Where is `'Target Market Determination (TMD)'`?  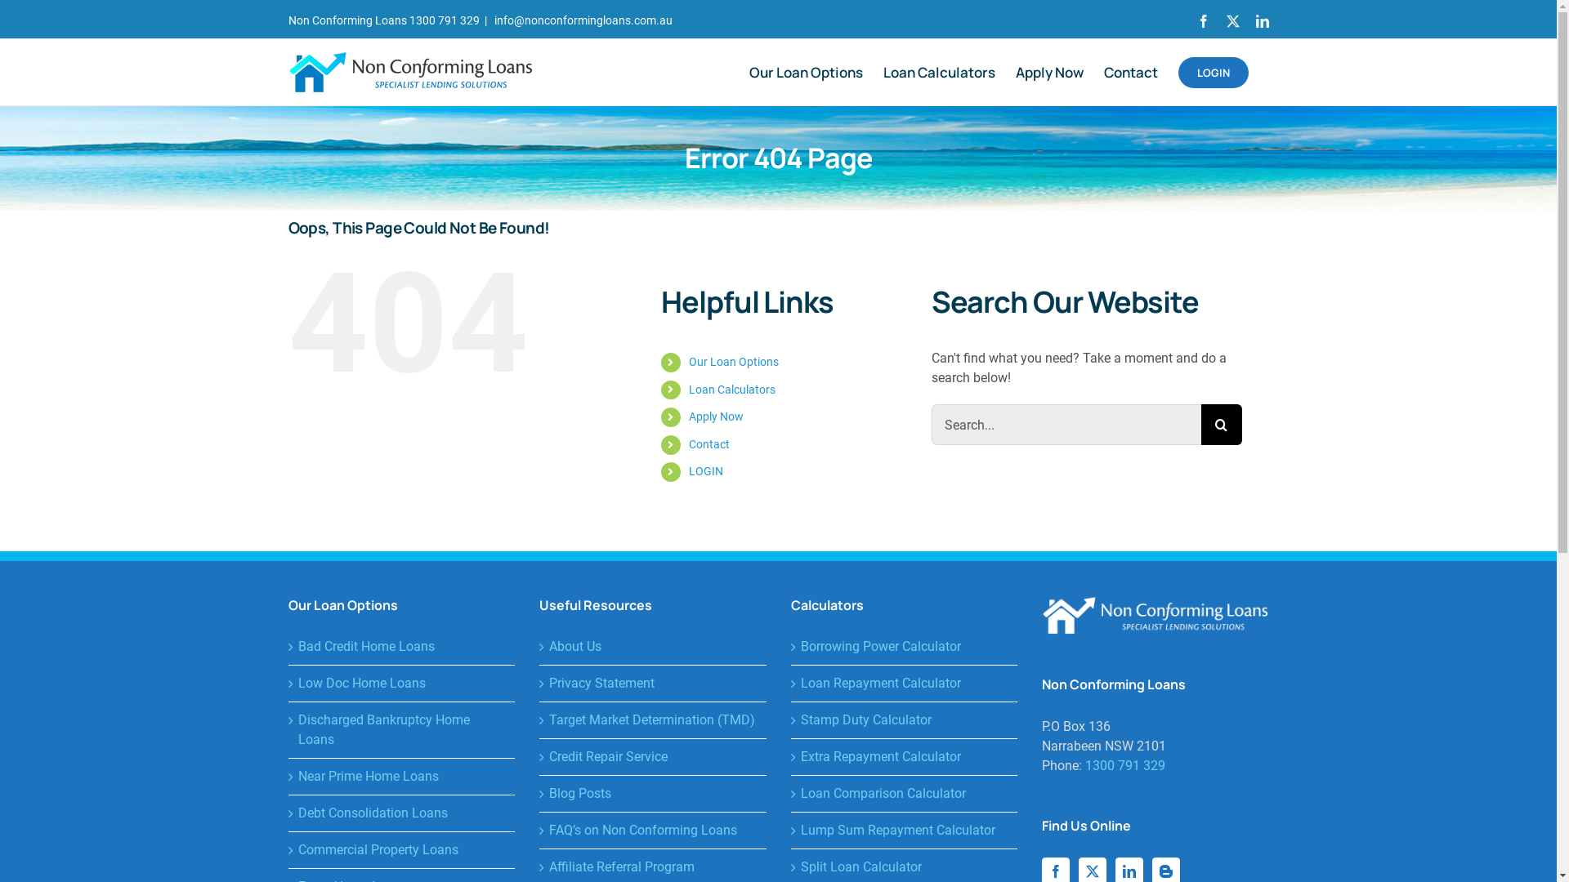 'Target Market Determination (TMD)' is located at coordinates (654, 719).